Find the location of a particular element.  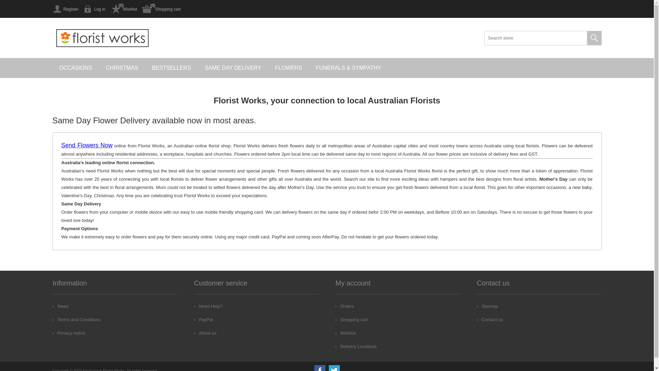

'Need Help?' is located at coordinates (194, 306).